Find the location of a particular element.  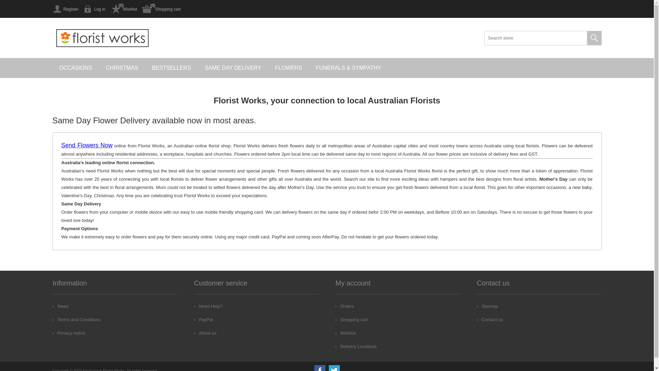

'Need Help?' is located at coordinates (194, 306).